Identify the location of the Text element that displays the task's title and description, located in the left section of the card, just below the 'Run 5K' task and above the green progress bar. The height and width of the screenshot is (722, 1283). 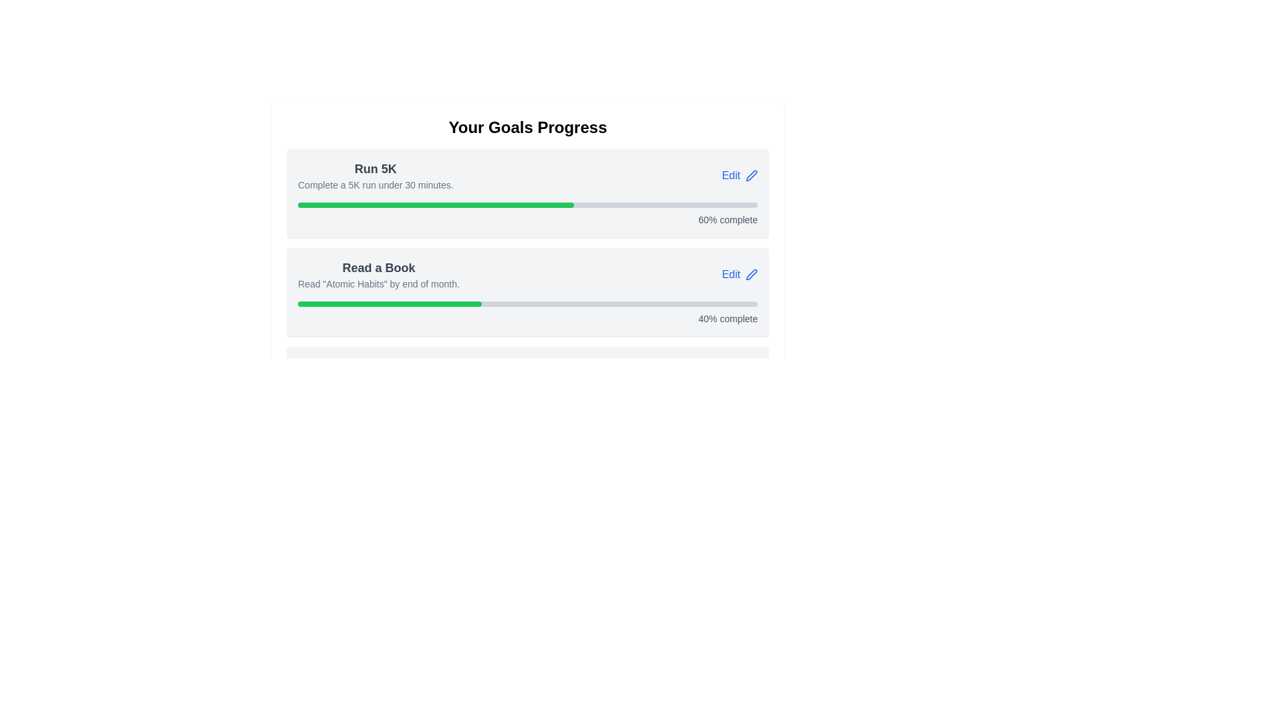
(378, 274).